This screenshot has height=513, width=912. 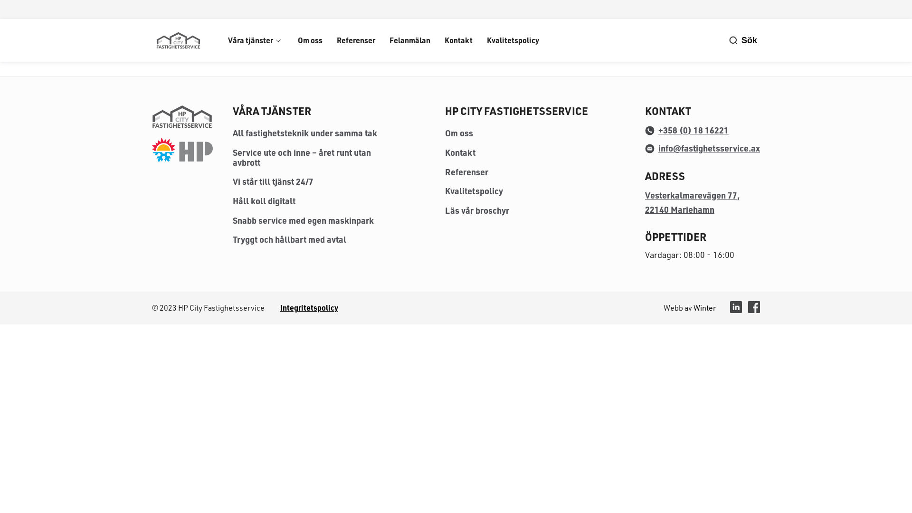 I want to click on 'Winter', so click(x=704, y=307).